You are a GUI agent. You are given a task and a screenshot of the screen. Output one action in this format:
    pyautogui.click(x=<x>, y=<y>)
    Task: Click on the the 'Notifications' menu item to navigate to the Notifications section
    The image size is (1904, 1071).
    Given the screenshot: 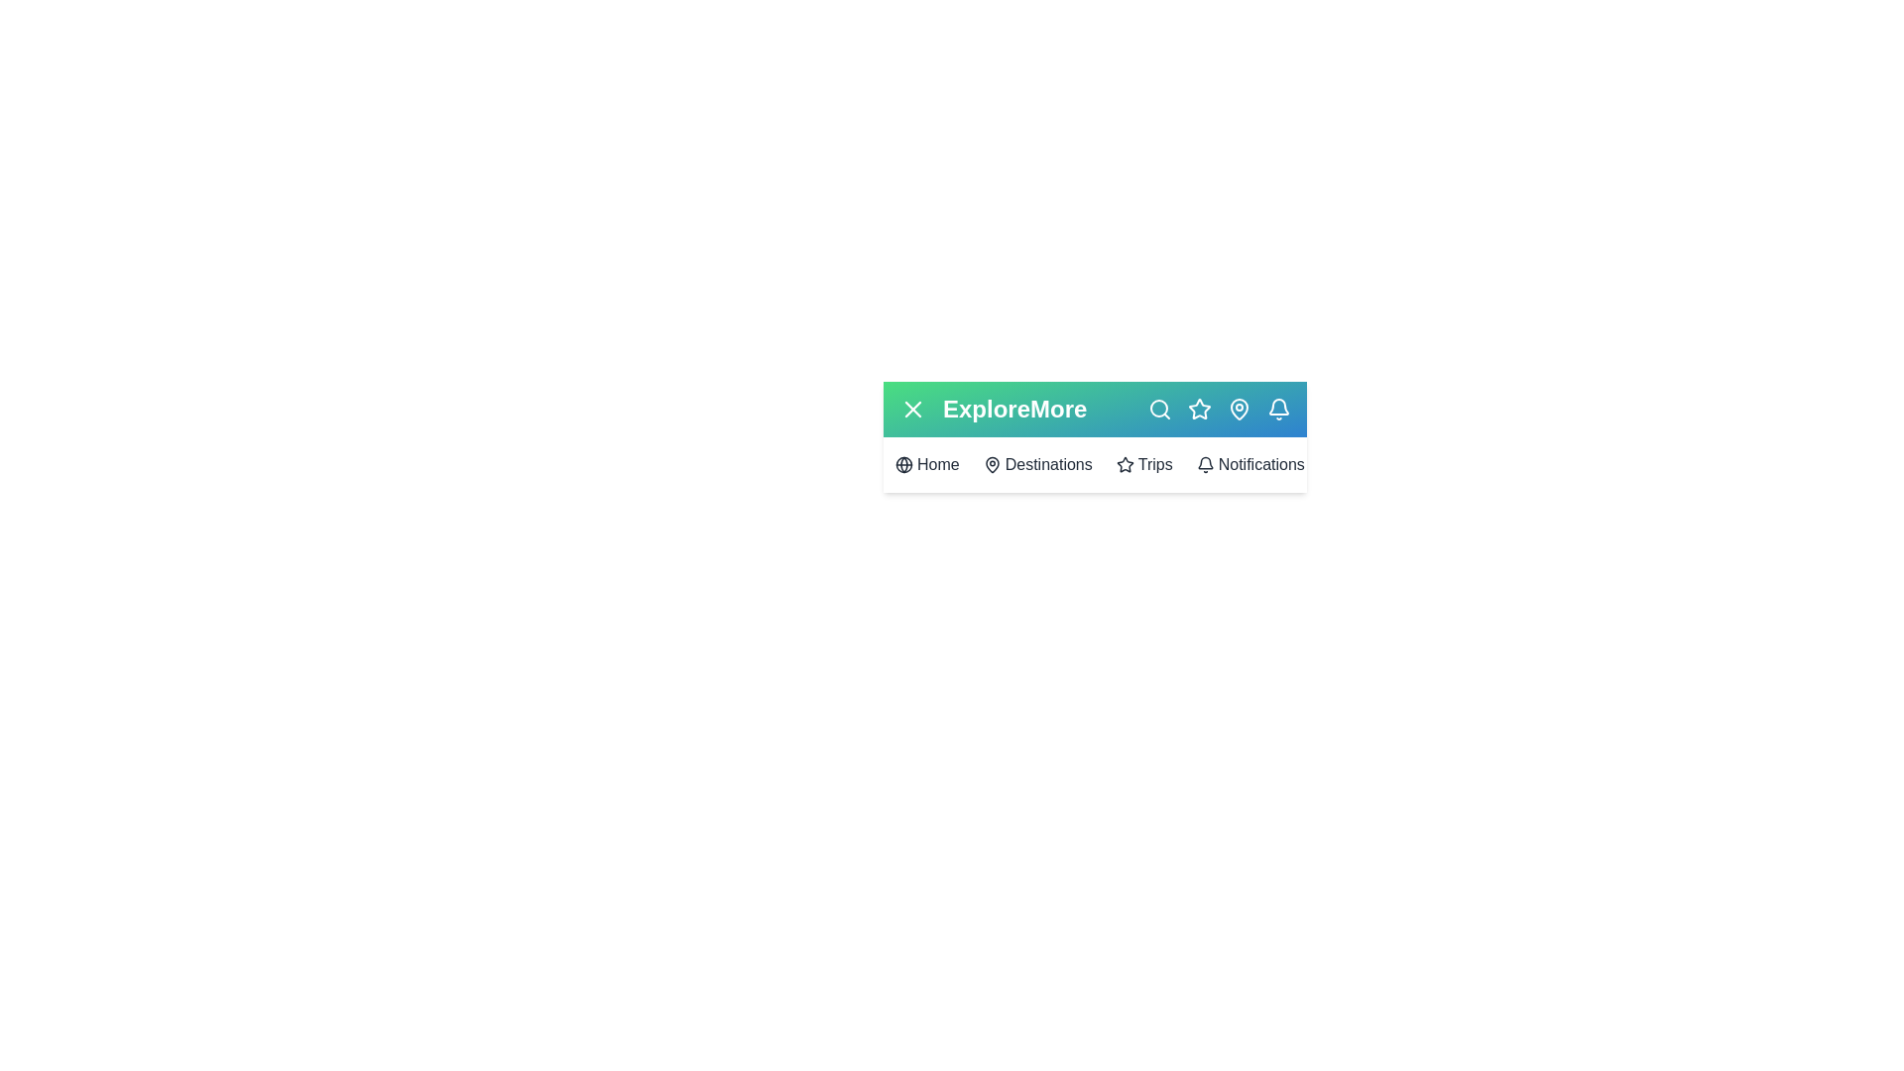 What is the action you would take?
    pyautogui.click(x=1249, y=465)
    